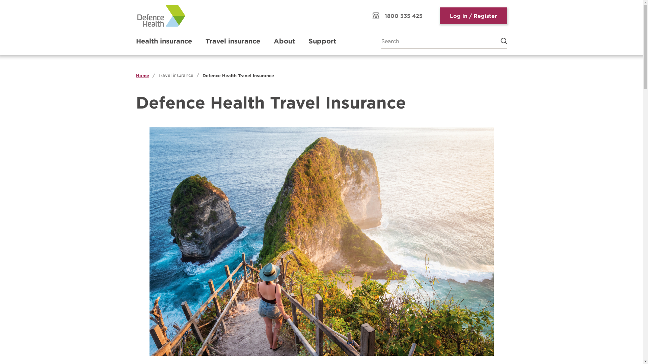  What do you see at coordinates (163, 41) in the screenshot?
I see `'Health insurance'` at bounding box center [163, 41].